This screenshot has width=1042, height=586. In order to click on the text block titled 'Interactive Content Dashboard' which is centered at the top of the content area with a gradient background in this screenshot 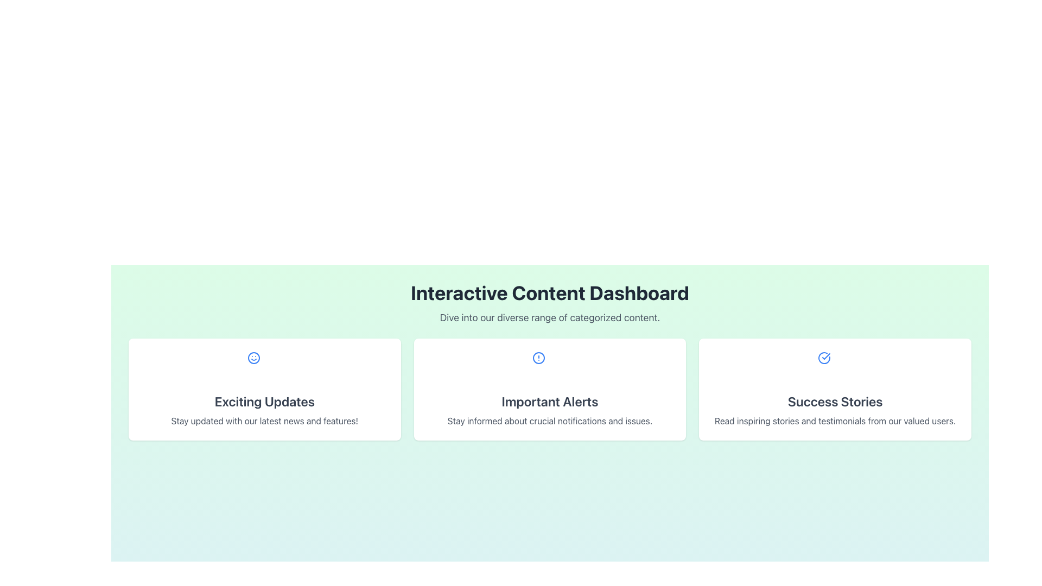, I will do `click(550, 303)`.